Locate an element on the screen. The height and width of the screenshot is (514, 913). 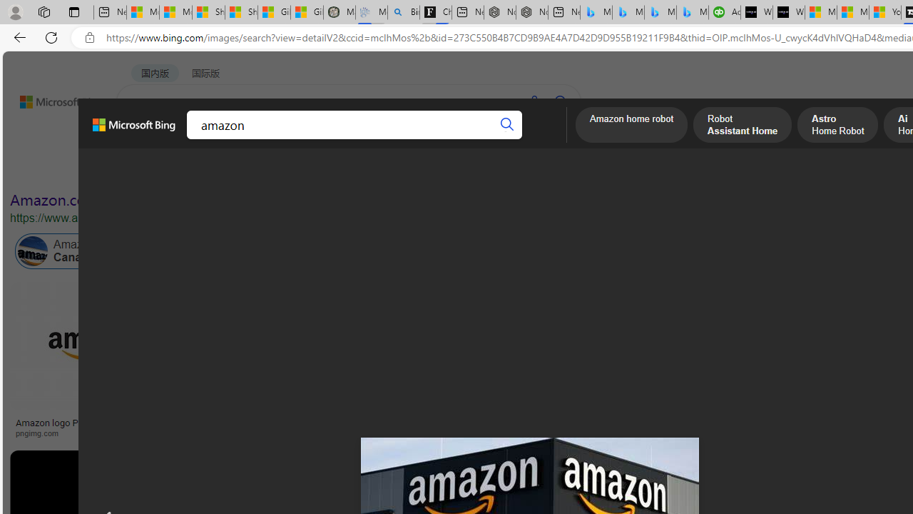
'People' is located at coordinates (372, 168).